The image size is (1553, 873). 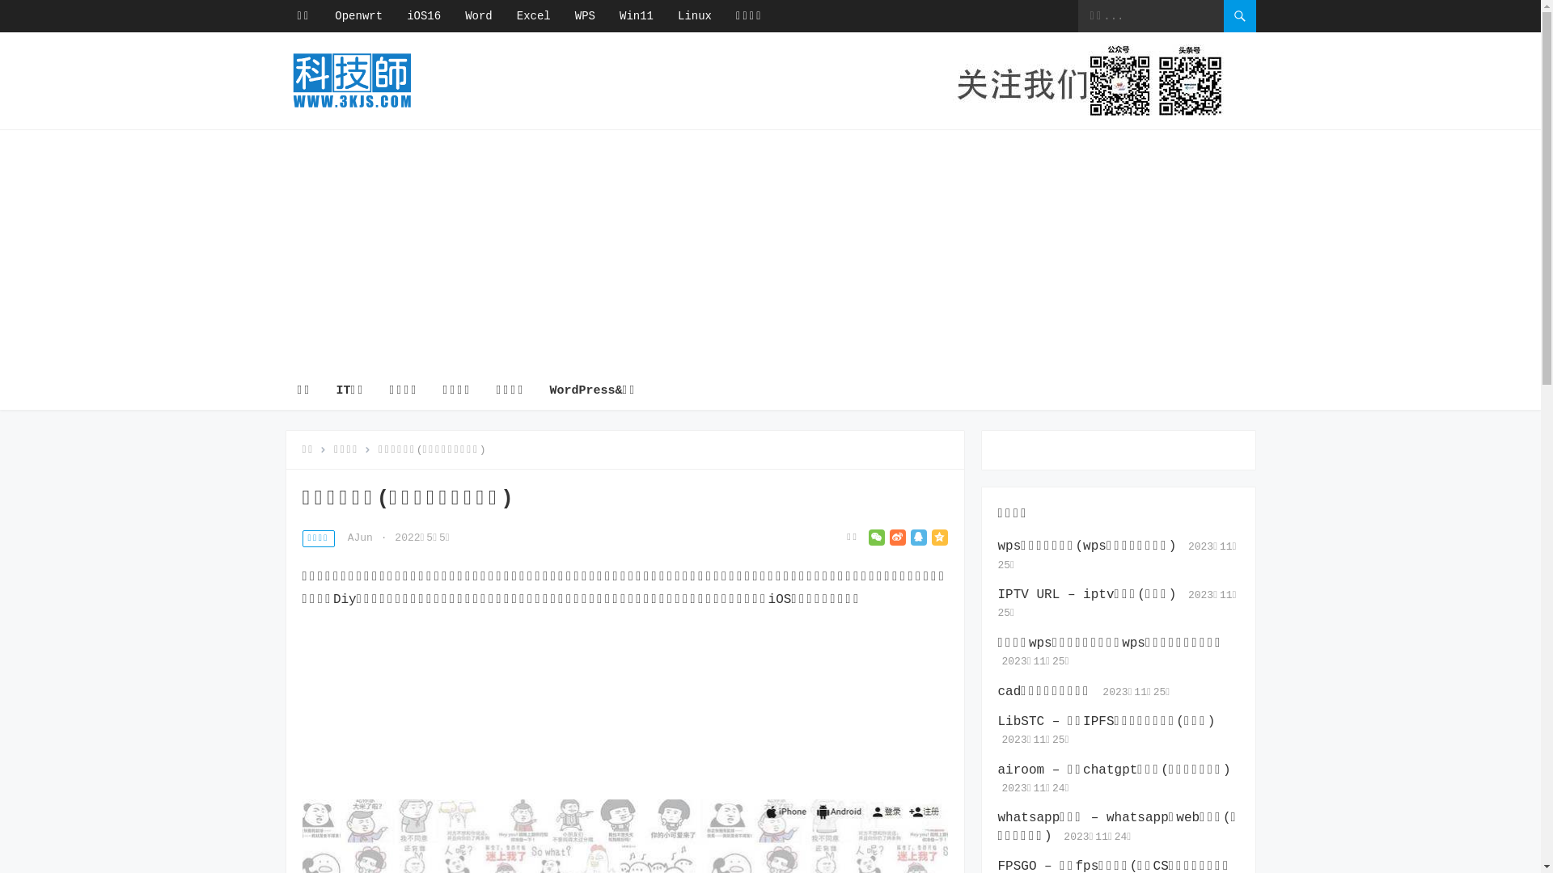 What do you see at coordinates (423, 15) in the screenshot?
I see `'iOS16'` at bounding box center [423, 15].